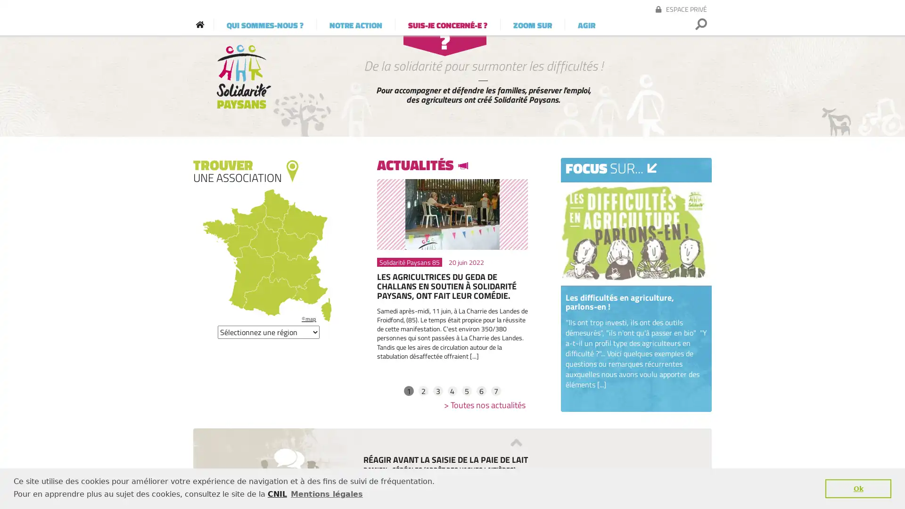 This screenshot has width=905, height=509. Describe the element at coordinates (326, 493) in the screenshot. I see `learn more about cookies` at that location.